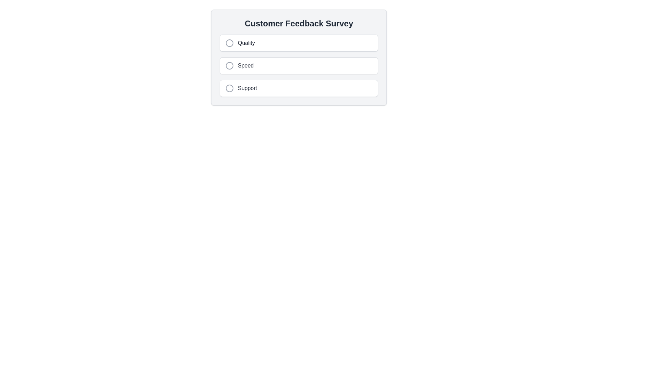  Describe the element at coordinates (246, 66) in the screenshot. I see `the 'Speed' text label, which is the second option in a vertical list of three radio options within a survey form, displayed in dark gray color` at that location.